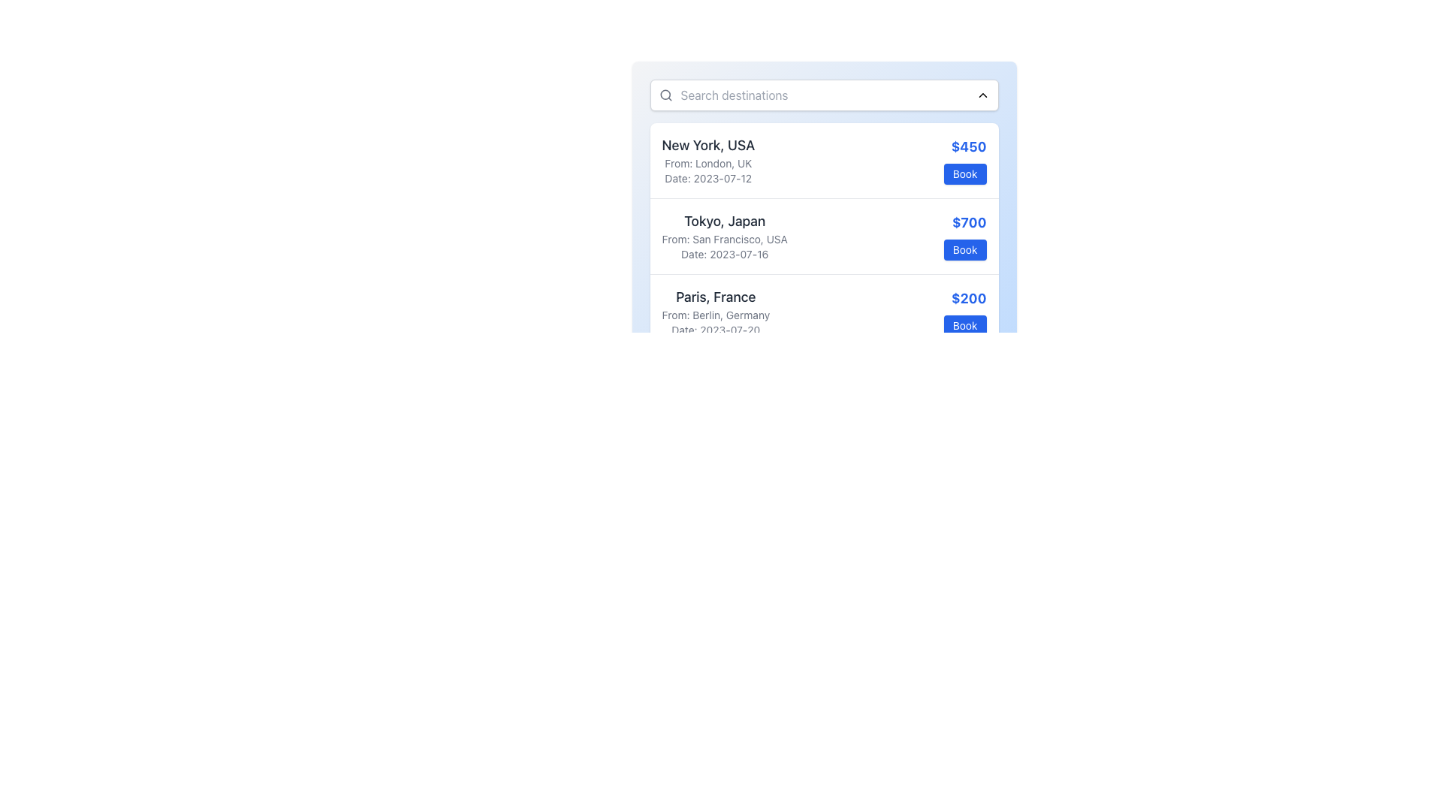 The width and height of the screenshot is (1442, 811). I want to click on the list item displaying 'Paris, France' which includes details 'From: Berlin, Germany' and 'Date: 2023-07-20', so click(715, 312).